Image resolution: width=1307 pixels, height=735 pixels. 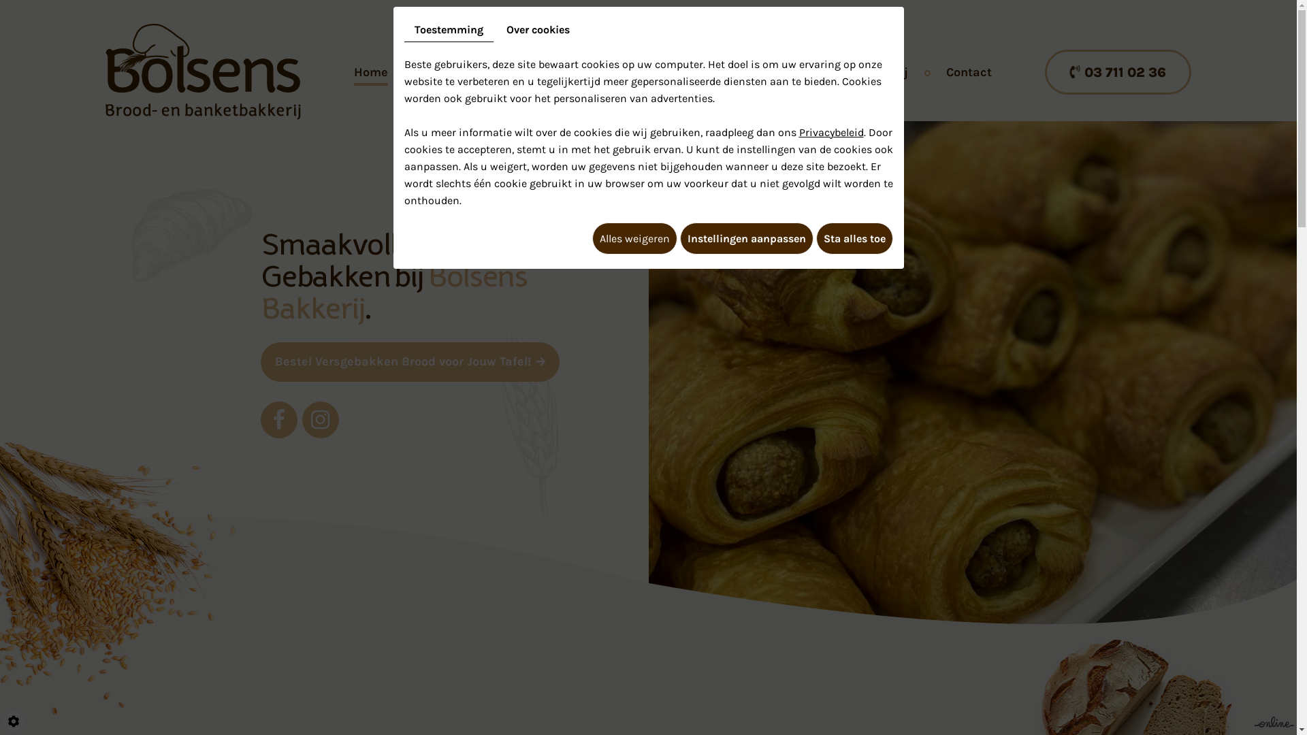 I want to click on 'Cookie-instelling bewerken', so click(x=13, y=721).